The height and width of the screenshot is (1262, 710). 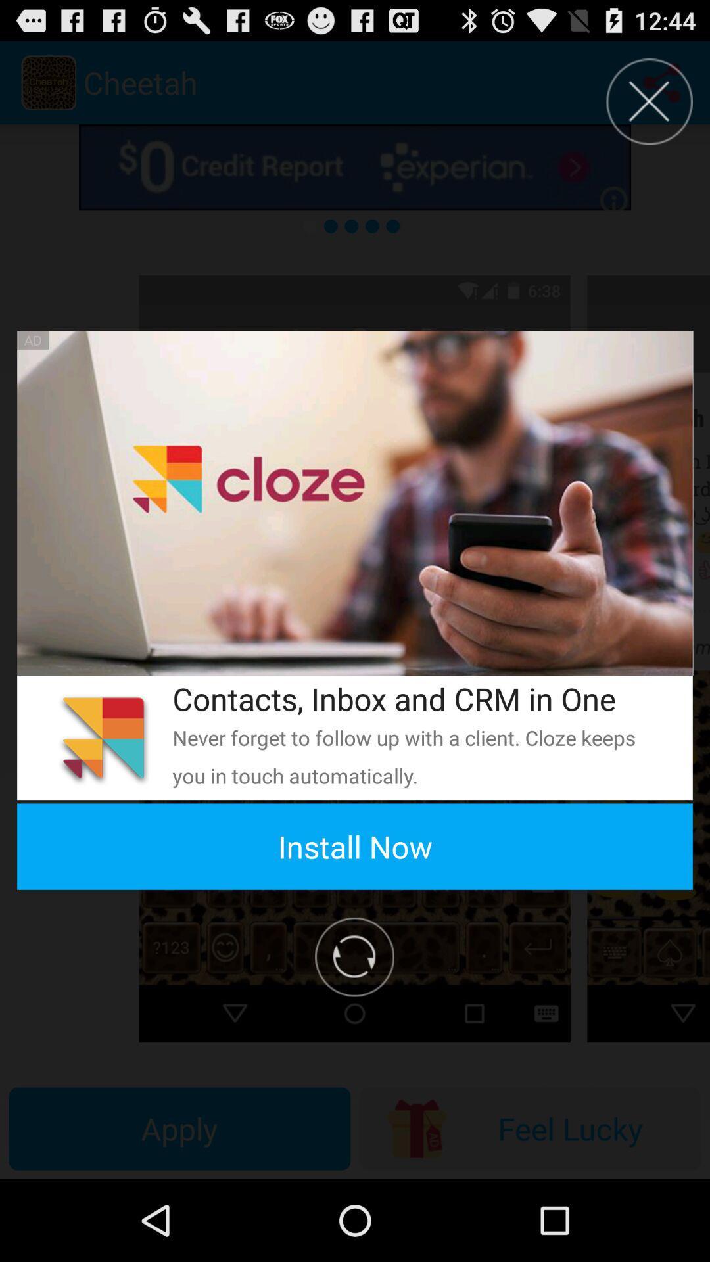 What do you see at coordinates (415, 698) in the screenshot?
I see `the contacts inbox and icon` at bounding box center [415, 698].